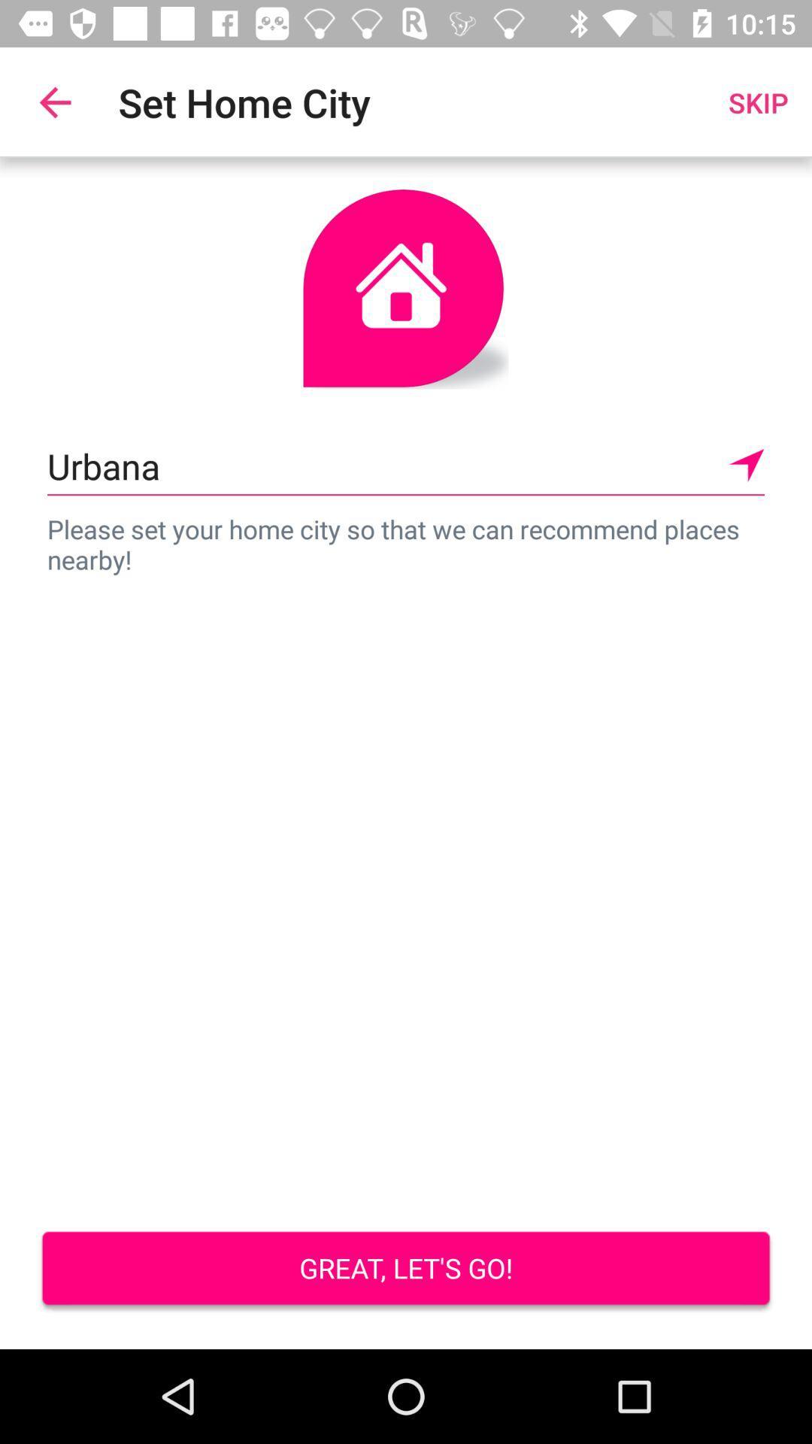 This screenshot has width=812, height=1444. I want to click on the icon to the right of set home city icon, so click(758, 102).